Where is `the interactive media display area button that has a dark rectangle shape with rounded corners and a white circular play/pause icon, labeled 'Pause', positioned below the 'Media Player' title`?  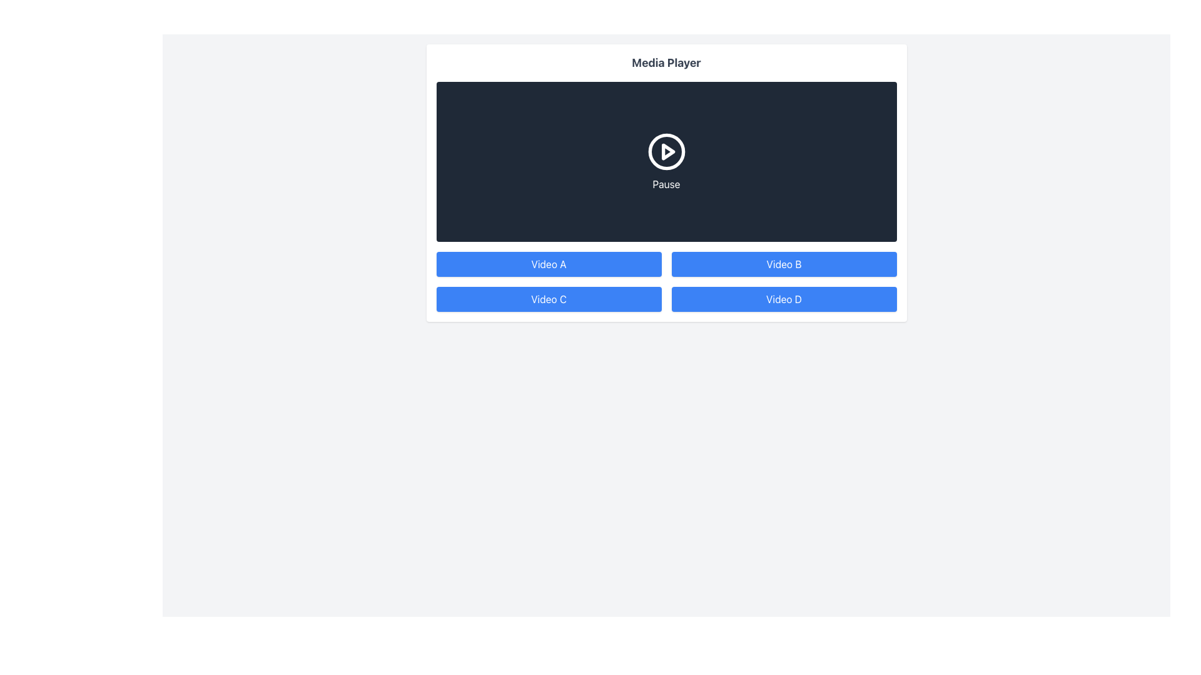 the interactive media display area button that has a dark rectangle shape with rounded corners and a white circular play/pause icon, labeled 'Pause', positioned below the 'Media Player' title is located at coordinates (666, 161).